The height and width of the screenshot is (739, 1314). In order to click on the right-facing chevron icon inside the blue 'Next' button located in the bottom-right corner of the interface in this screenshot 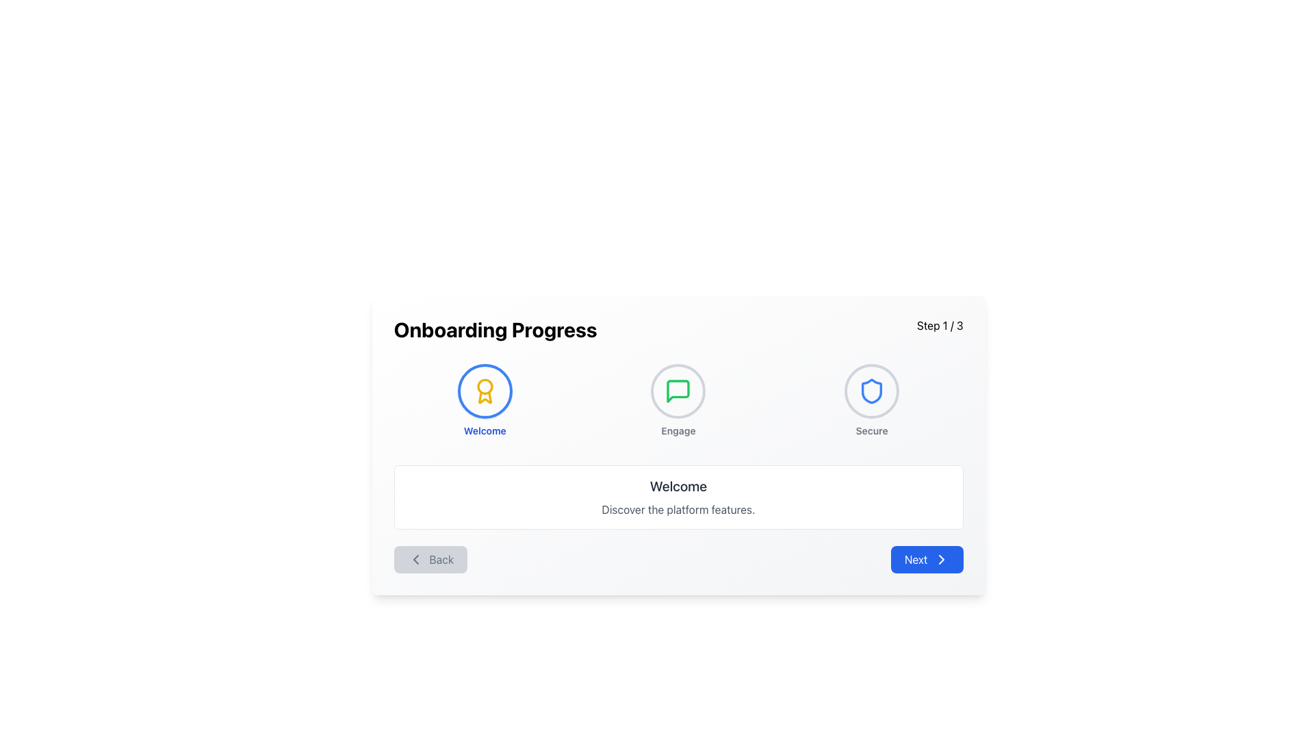, I will do `click(940, 559)`.